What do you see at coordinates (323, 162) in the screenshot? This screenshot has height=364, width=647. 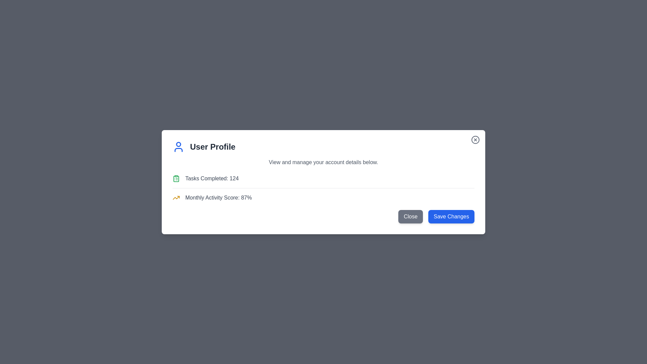 I see `the instructional Text Label located underneath the 'User Profile' heading in the modal window` at bounding box center [323, 162].